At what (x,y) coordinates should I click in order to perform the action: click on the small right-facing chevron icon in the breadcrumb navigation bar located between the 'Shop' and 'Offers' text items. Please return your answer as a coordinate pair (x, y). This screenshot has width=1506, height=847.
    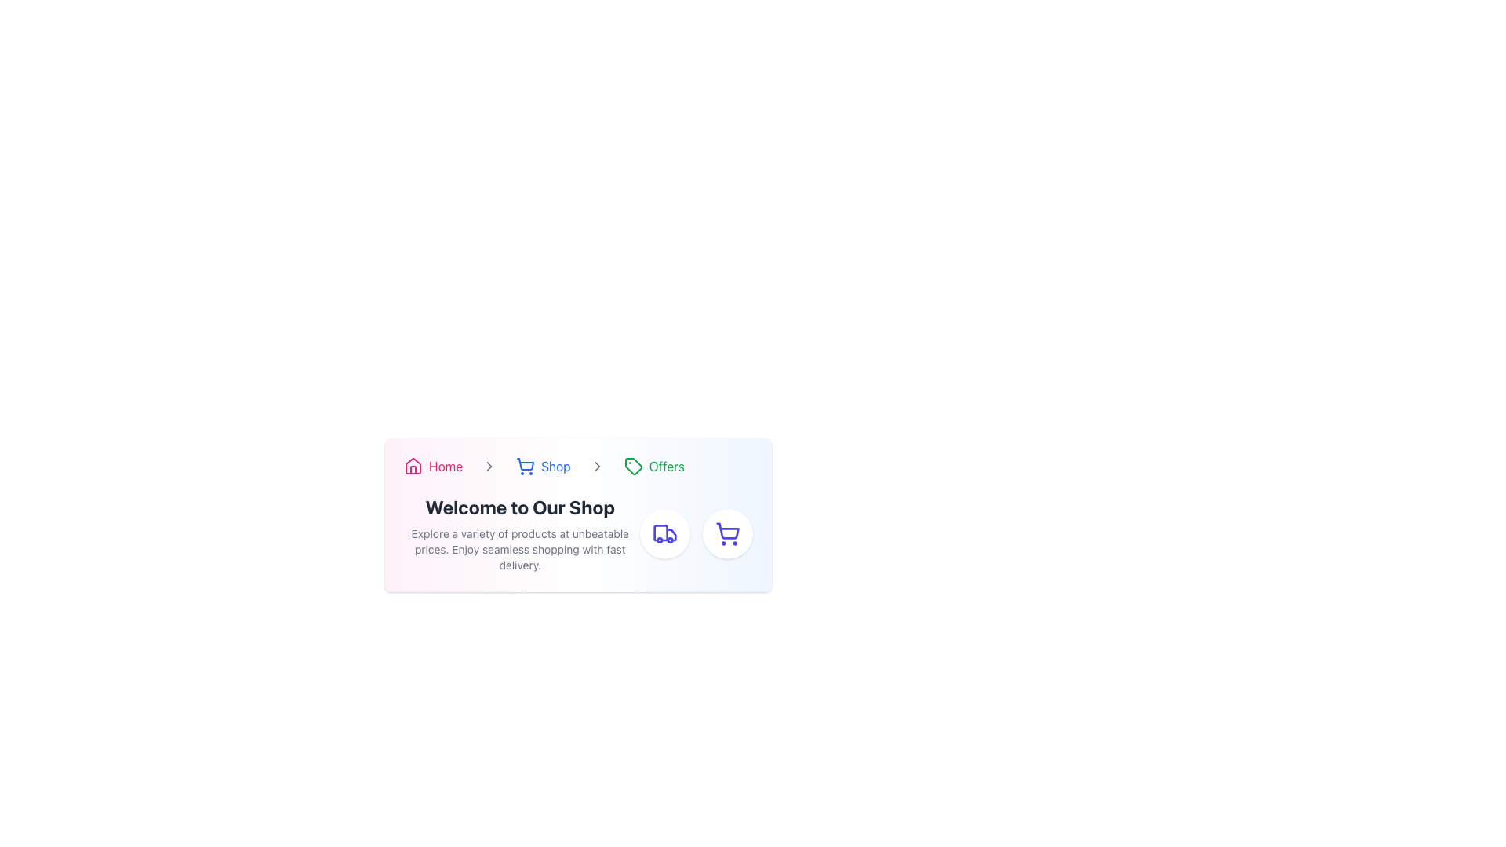
    Looking at the image, I should click on (596, 465).